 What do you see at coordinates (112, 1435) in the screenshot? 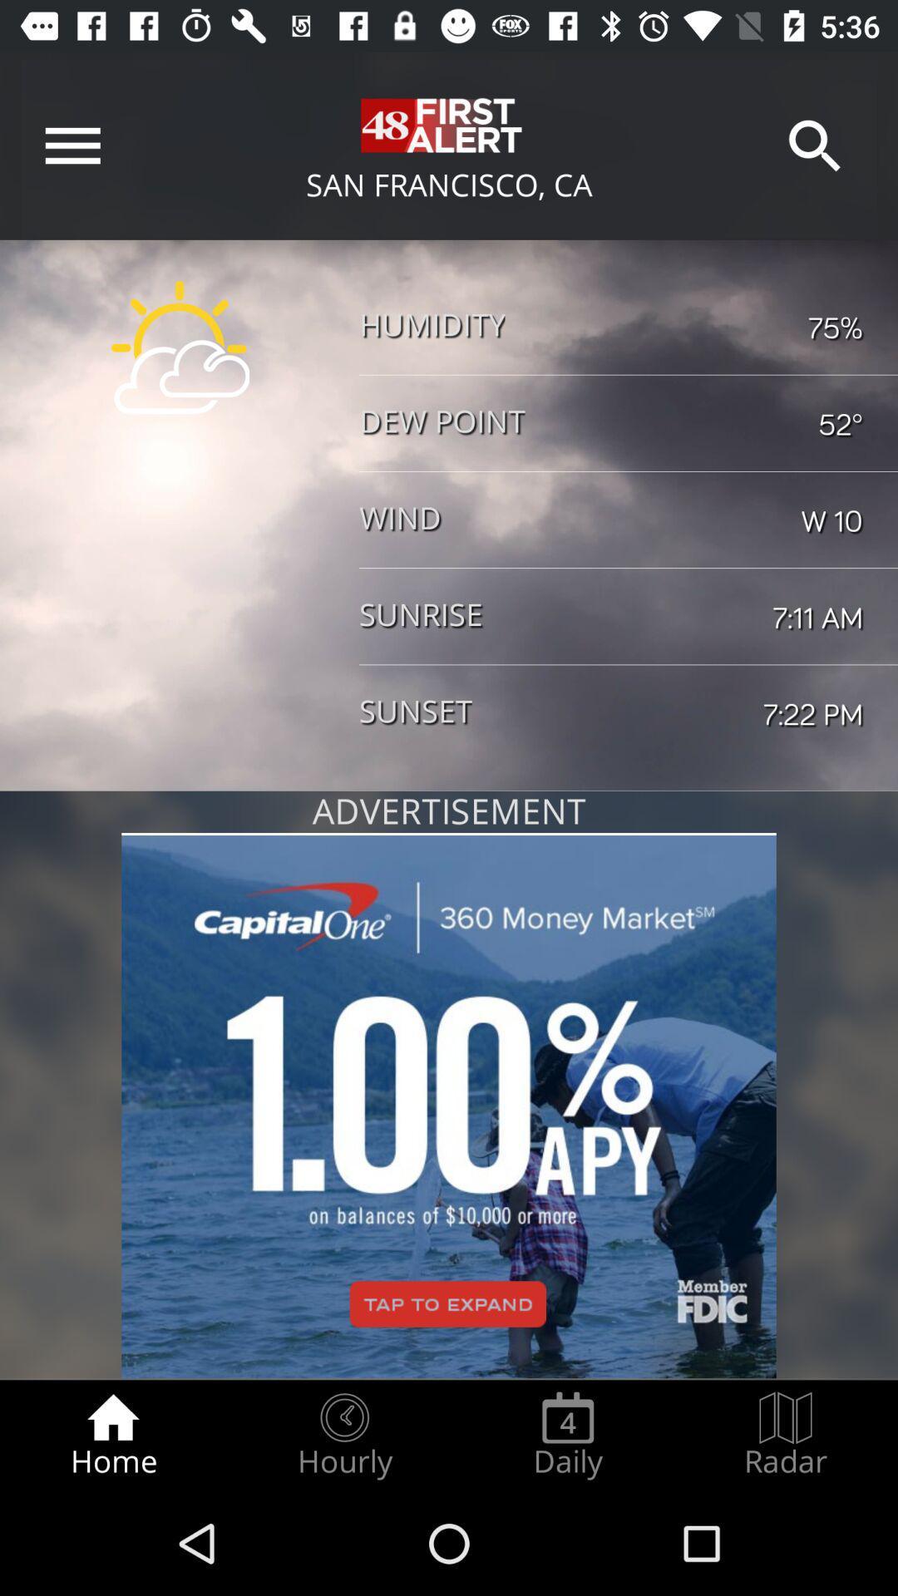
I see `the item at the bottom left corner` at bounding box center [112, 1435].